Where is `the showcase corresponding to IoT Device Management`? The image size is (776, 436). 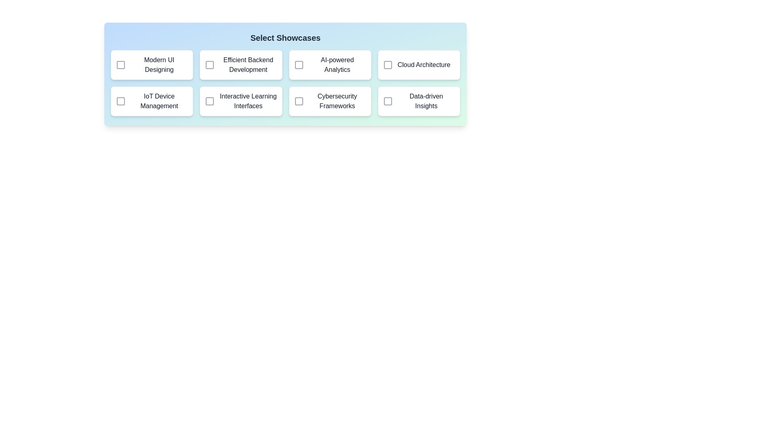 the showcase corresponding to IoT Device Management is located at coordinates (120, 101).